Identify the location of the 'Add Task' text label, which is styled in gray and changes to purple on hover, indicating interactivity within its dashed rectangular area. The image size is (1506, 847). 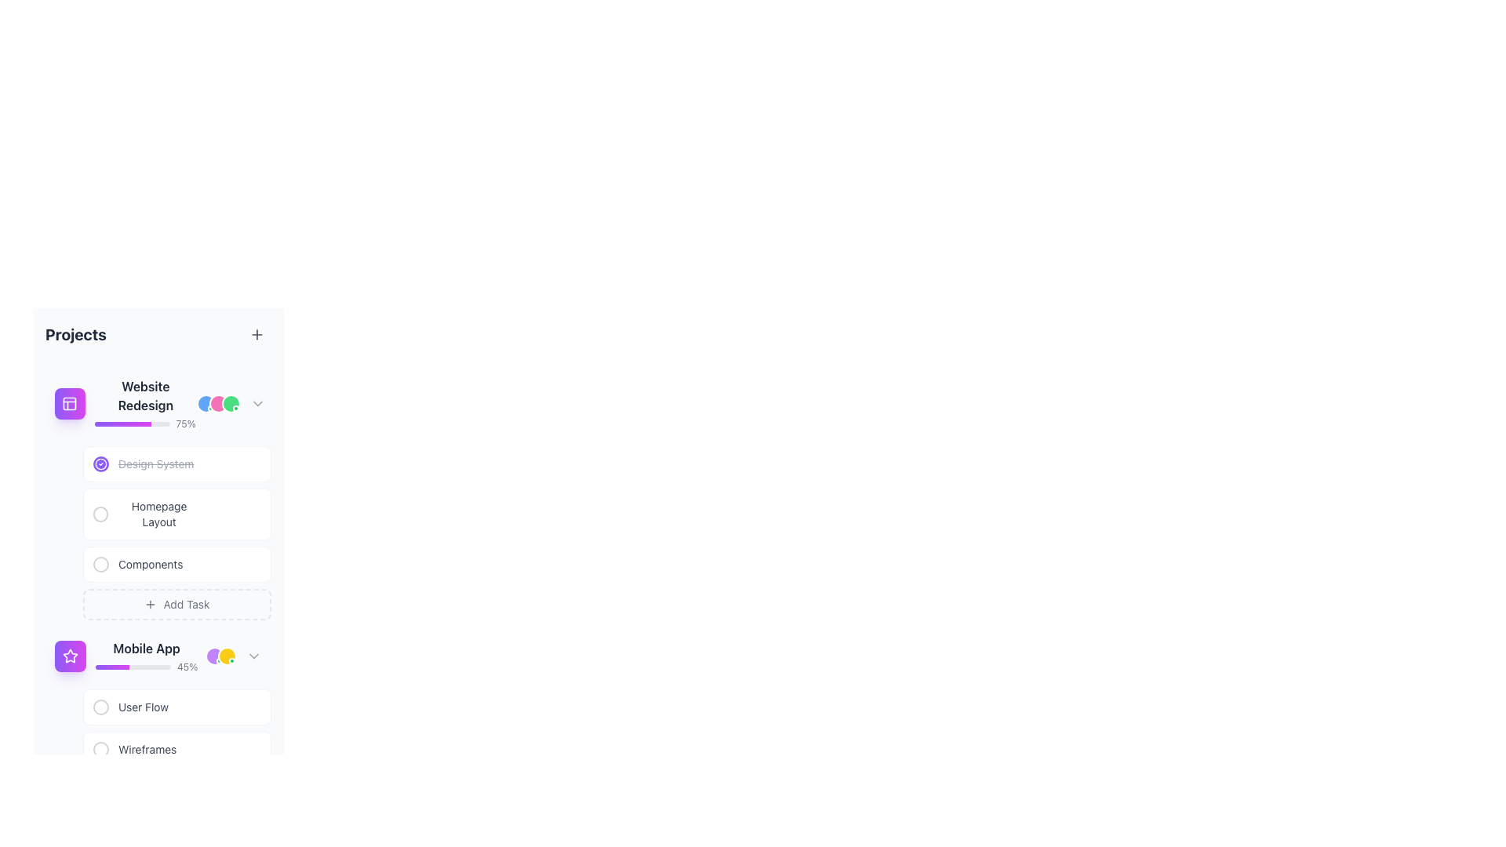
(187, 604).